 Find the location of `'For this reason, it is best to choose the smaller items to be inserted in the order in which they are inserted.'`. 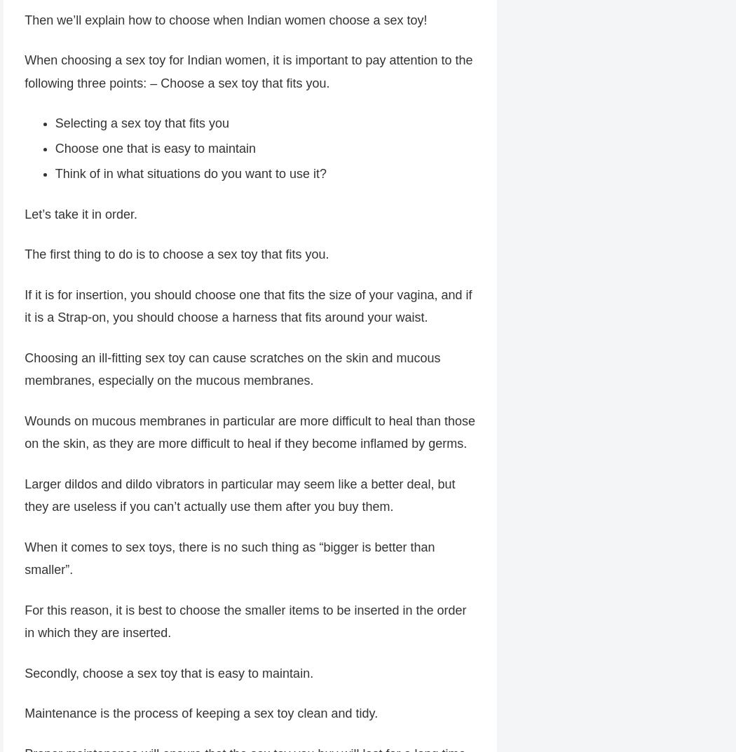

'For this reason, it is best to choose the smaller items to be inserted in the order in which they are inserted.' is located at coordinates (244, 622).